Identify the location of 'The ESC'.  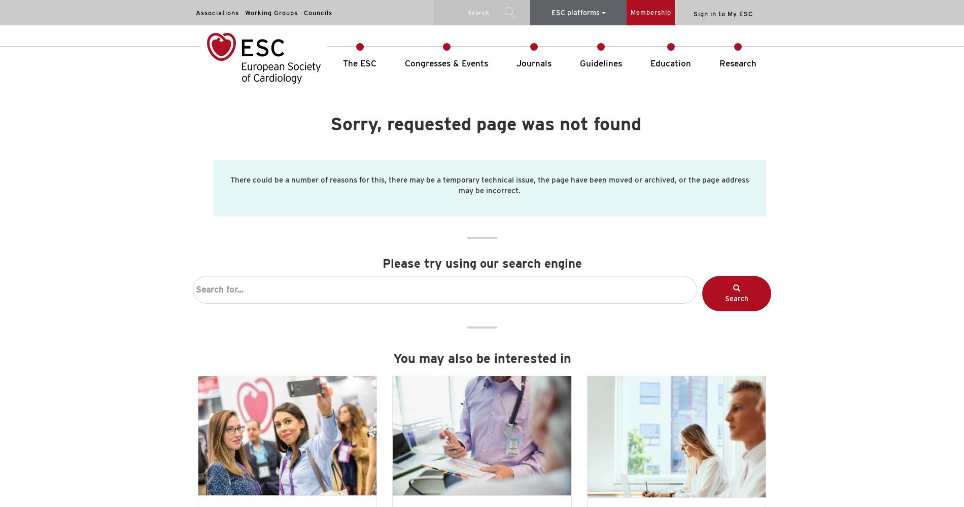
(360, 63).